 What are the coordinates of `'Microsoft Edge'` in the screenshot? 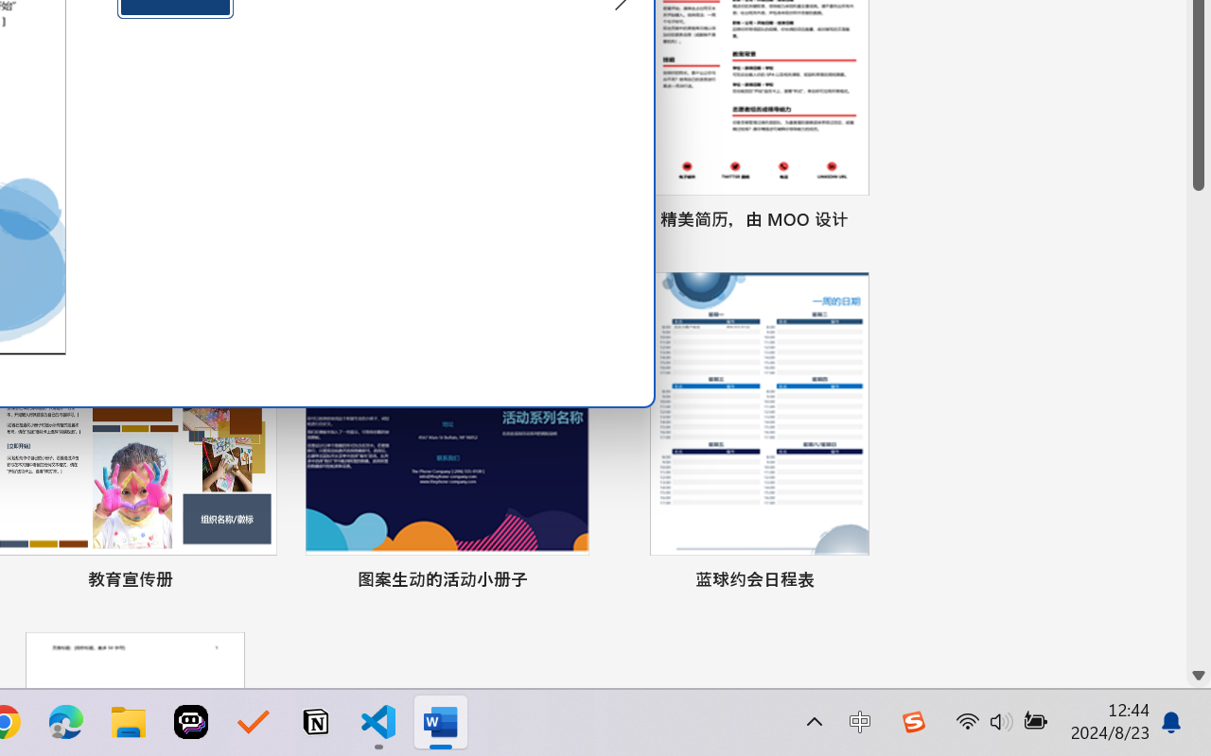 It's located at (65, 722).